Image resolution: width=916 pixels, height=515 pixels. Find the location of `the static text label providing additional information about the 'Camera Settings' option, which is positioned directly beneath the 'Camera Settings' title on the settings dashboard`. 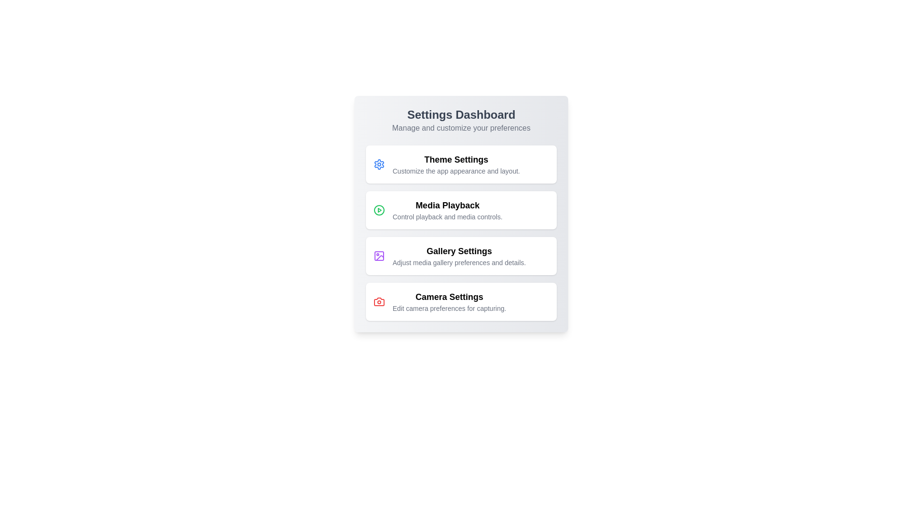

the static text label providing additional information about the 'Camera Settings' option, which is positioned directly beneath the 'Camera Settings' title on the settings dashboard is located at coordinates (449, 309).